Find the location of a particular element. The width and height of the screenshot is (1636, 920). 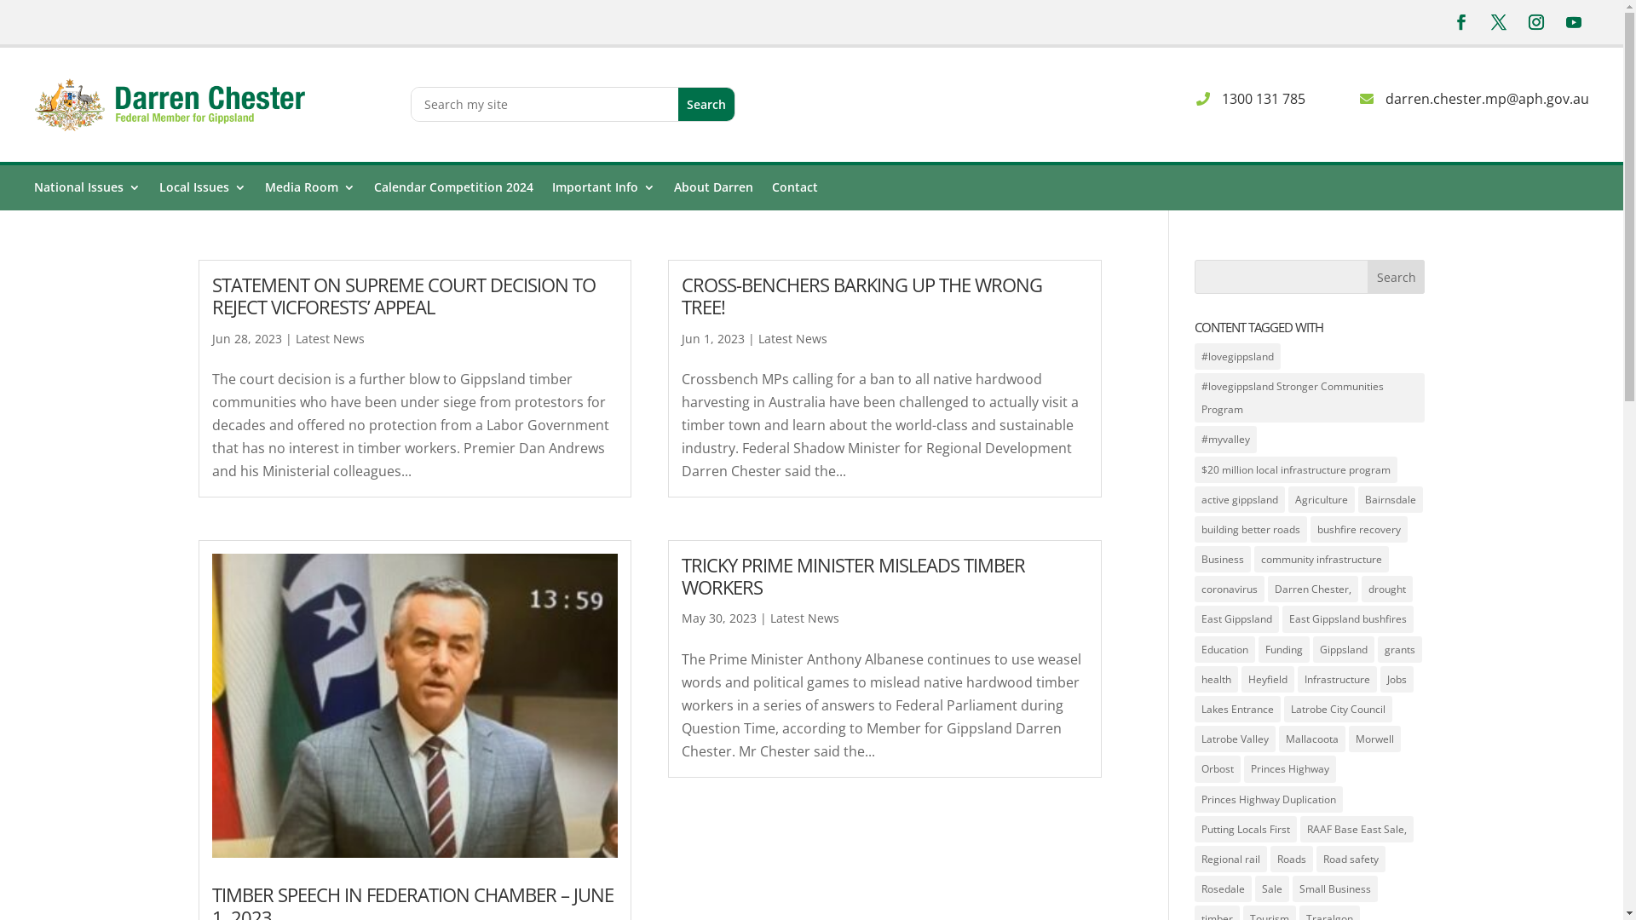

'Jobs' is located at coordinates (1397, 678).